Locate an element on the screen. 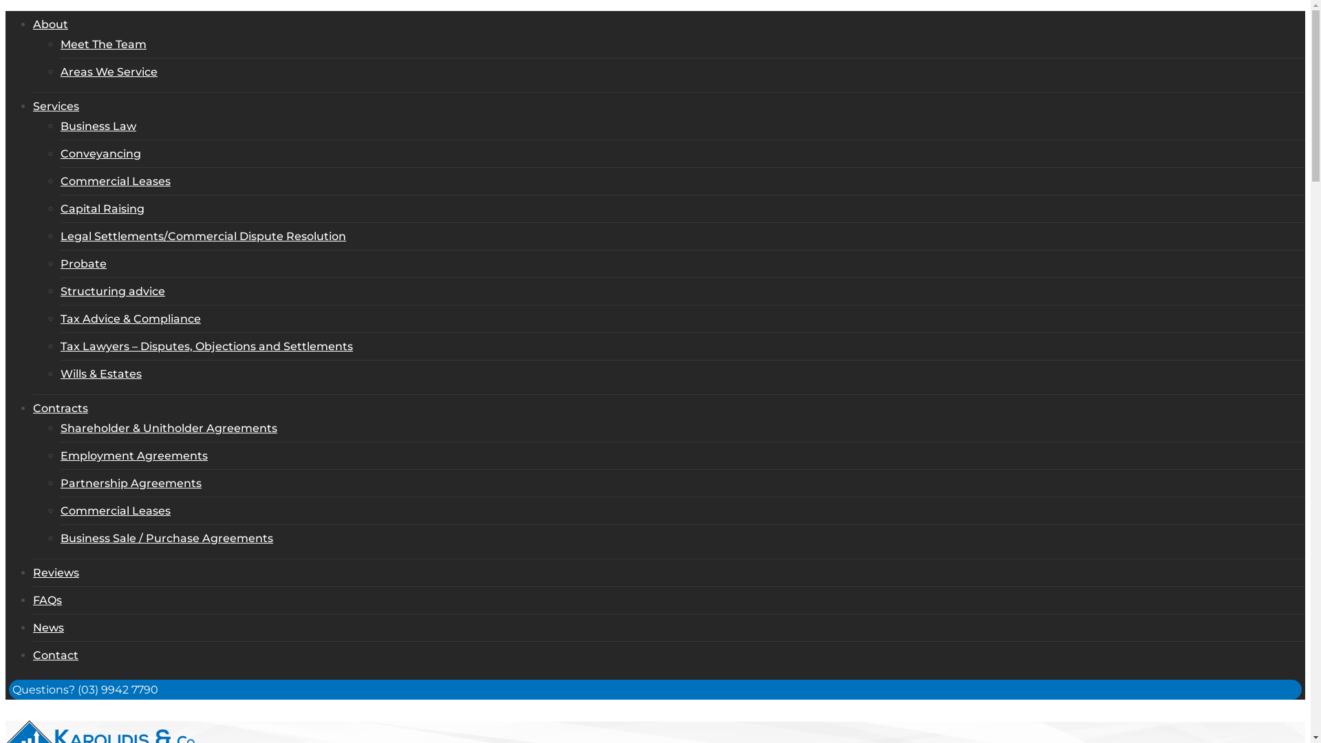 This screenshot has width=1321, height=743. 'Employment Agreements' is located at coordinates (134, 455).